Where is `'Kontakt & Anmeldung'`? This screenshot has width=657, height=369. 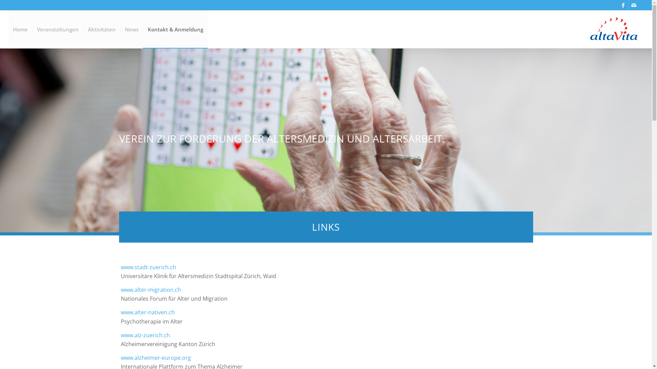 'Kontakt & Anmeldung' is located at coordinates (142, 29).